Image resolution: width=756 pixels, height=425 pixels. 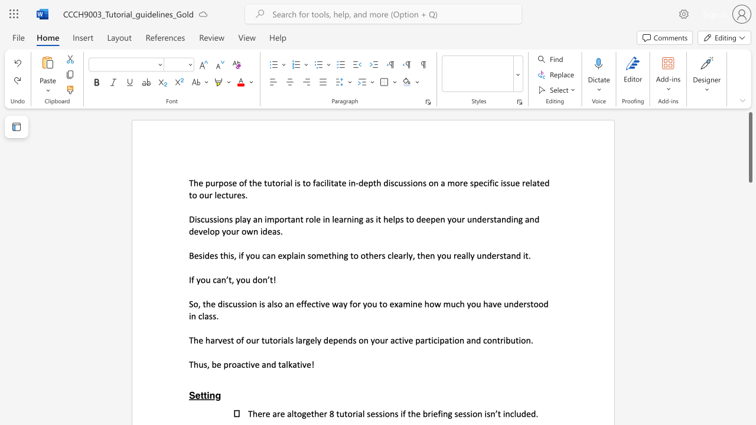 I want to click on the side scrollbar to bring the page down, so click(x=750, y=353).